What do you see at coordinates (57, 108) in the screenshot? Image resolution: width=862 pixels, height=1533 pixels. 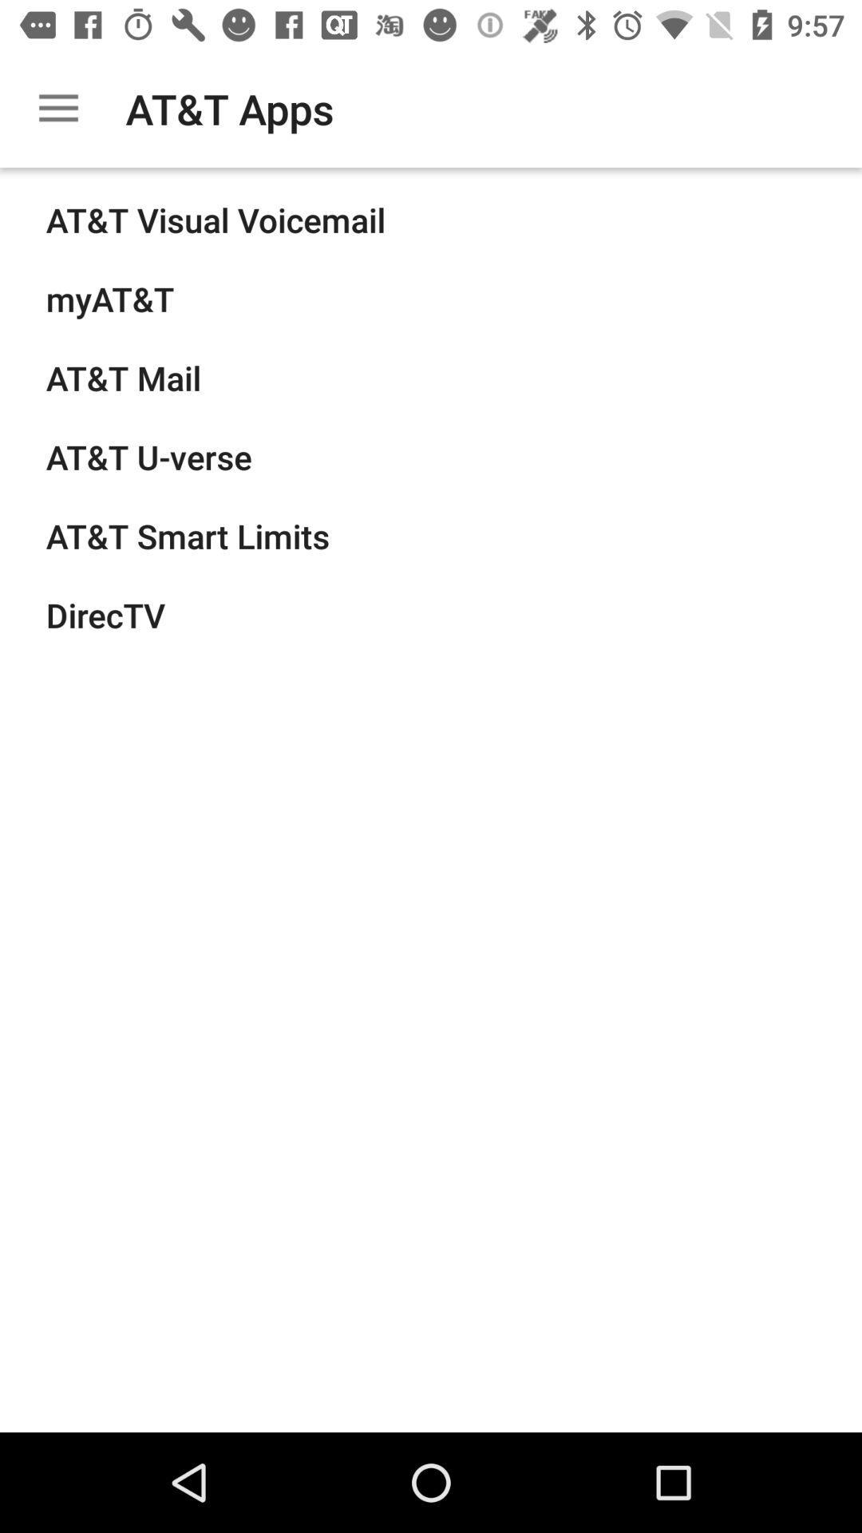 I see `icon above the at t visual item` at bounding box center [57, 108].